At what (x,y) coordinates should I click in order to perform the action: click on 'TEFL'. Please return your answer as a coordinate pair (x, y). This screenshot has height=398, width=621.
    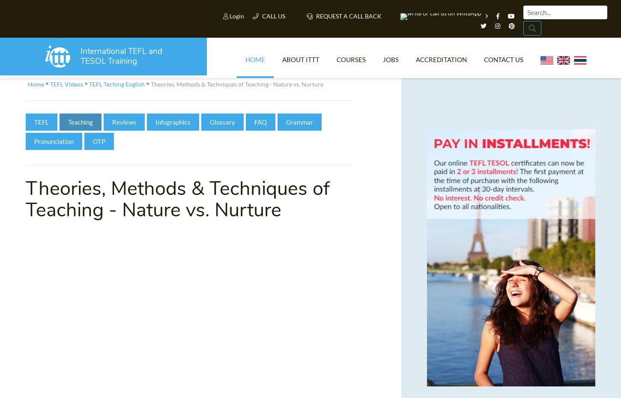
    Looking at the image, I should click on (42, 125).